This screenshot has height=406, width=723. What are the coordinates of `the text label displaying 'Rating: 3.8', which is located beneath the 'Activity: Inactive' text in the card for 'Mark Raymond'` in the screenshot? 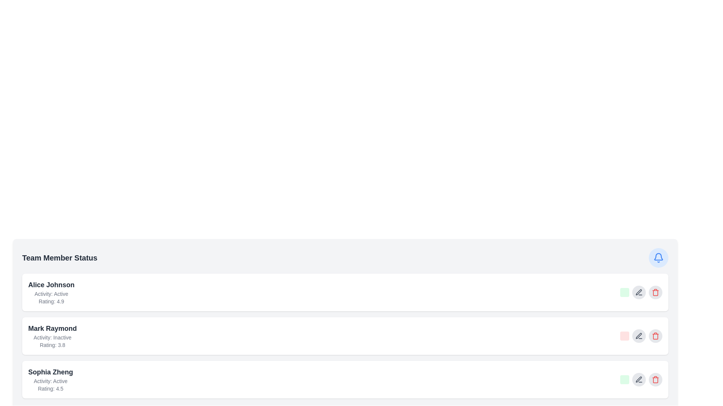 It's located at (52, 345).